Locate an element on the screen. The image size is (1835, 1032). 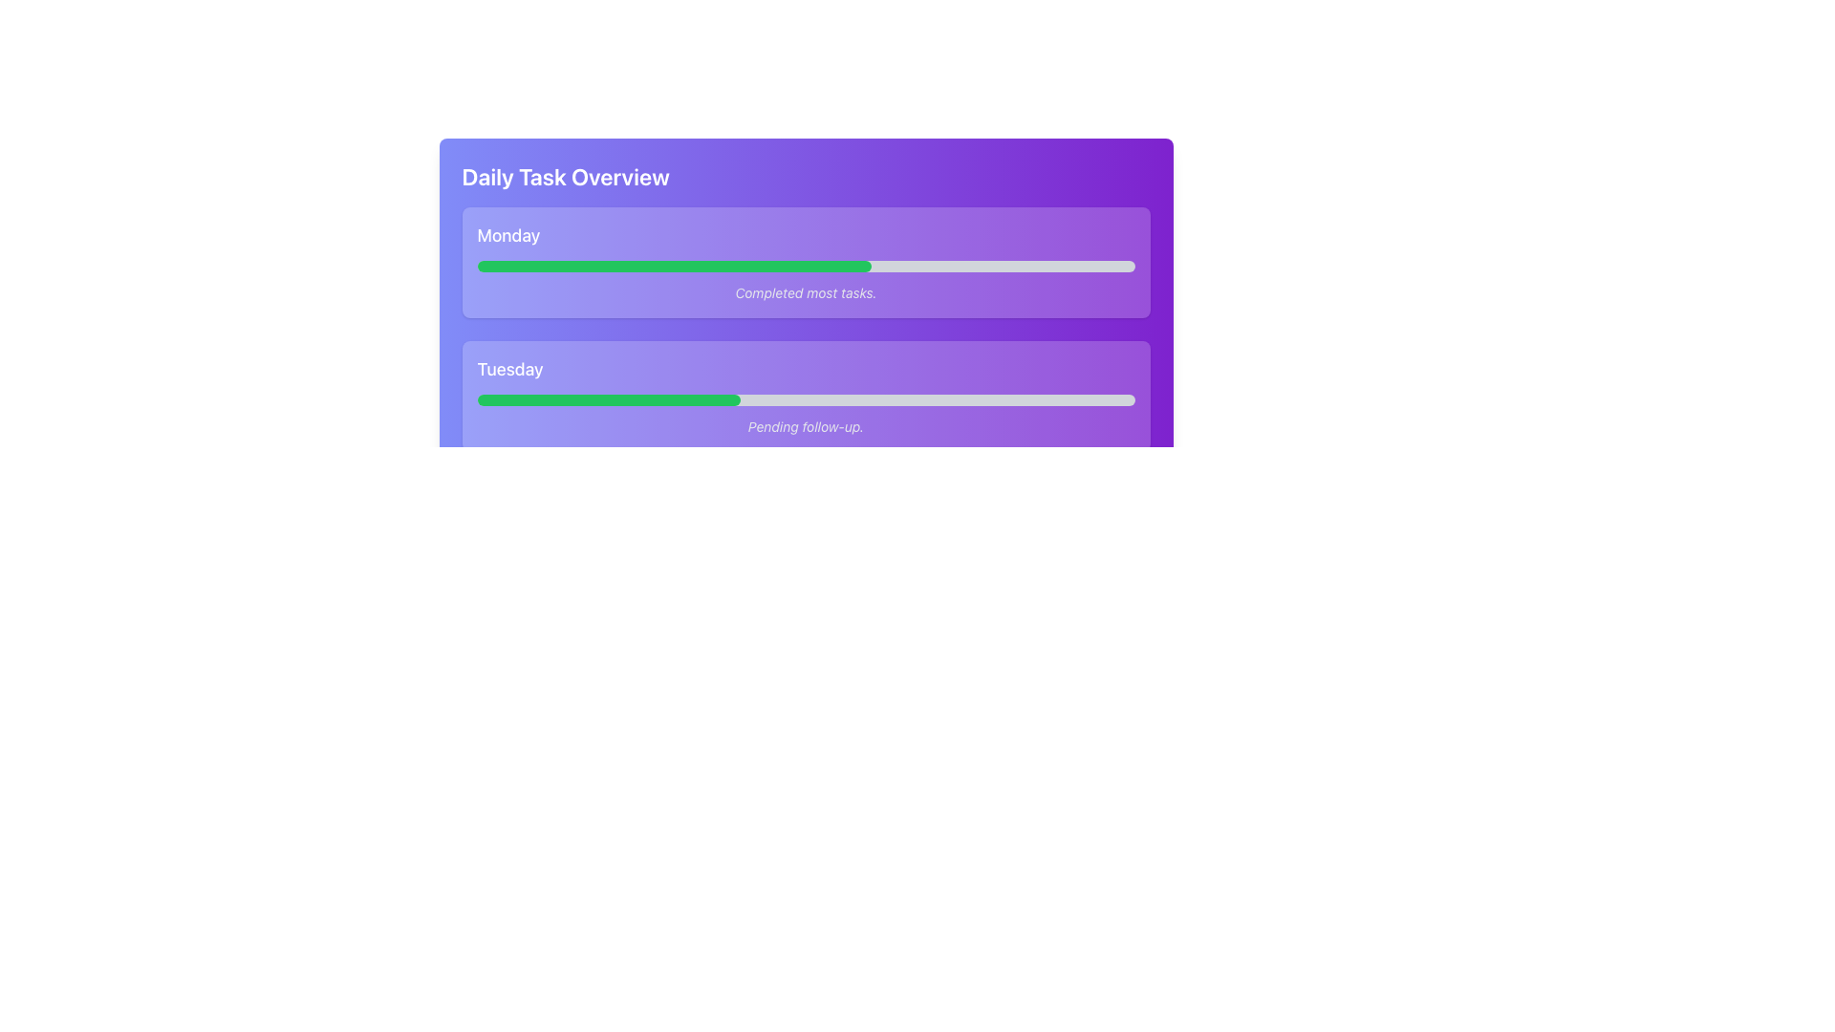
the status update text label located in the Tuesday section of the task overview interface, beneath the horizontal progress bar is located at coordinates (806, 426).